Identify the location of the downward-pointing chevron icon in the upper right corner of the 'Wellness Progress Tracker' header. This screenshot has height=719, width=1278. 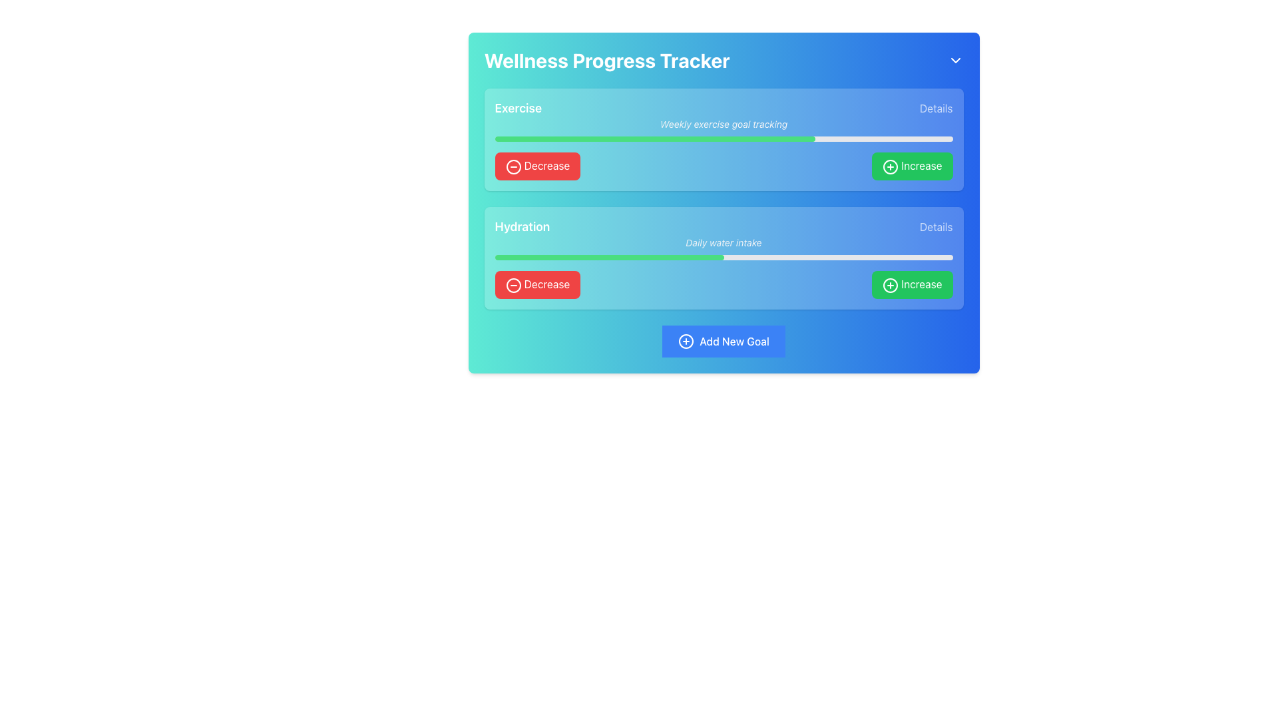
(955, 61).